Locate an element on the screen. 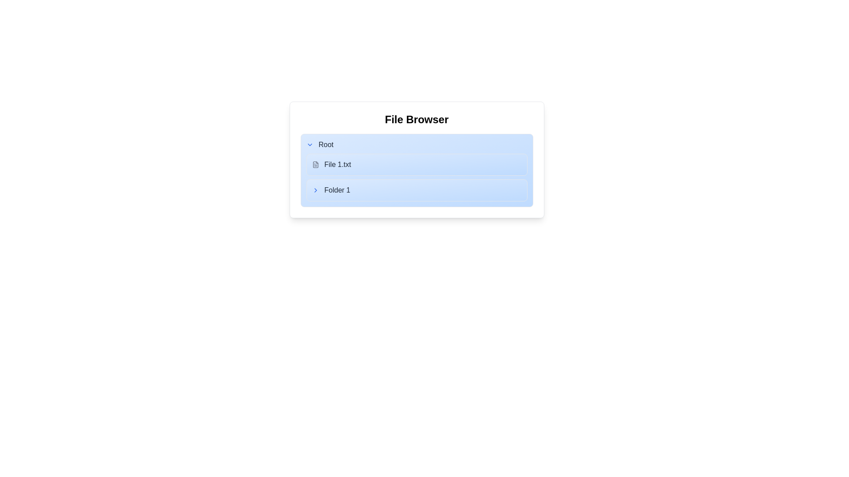 The height and width of the screenshot is (477, 849). the SVG-based icon representing 'File 1.txt' in the file browser, located just before 'Folder 1' is located at coordinates (315, 165).